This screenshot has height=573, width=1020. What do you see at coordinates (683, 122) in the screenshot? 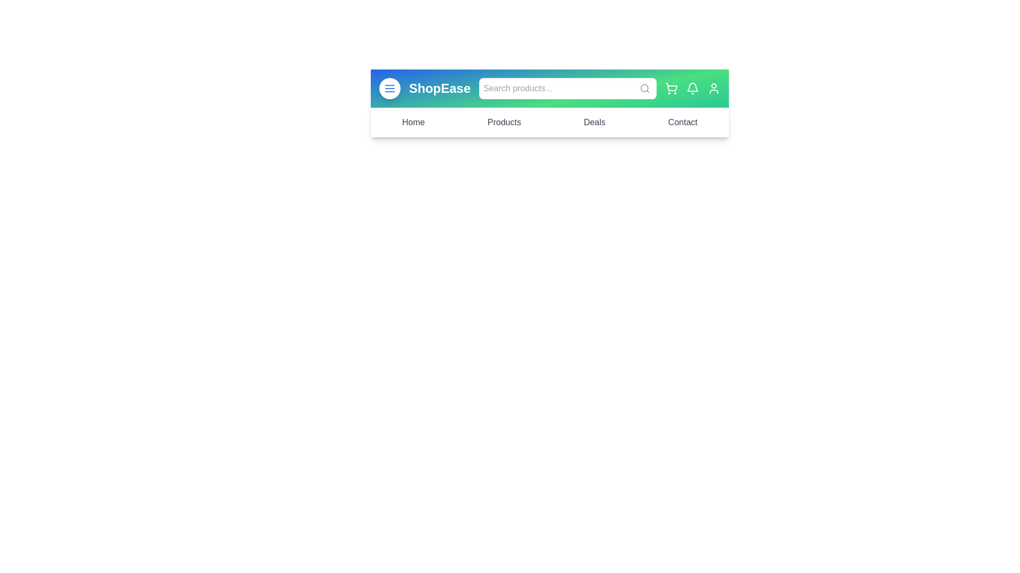
I see `the Contact navigation link` at bounding box center [683, 122].